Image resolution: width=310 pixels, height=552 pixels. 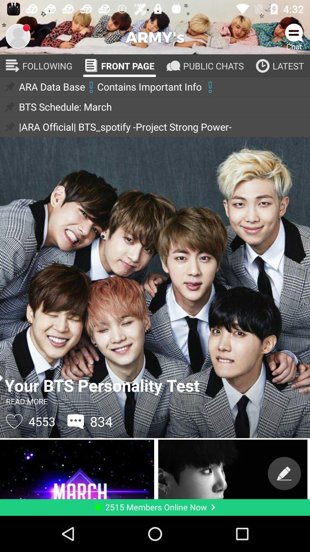 What do you see at coordinates (284, 473) in the screenshot?
I see `edit` at bounding box center [284, 473].